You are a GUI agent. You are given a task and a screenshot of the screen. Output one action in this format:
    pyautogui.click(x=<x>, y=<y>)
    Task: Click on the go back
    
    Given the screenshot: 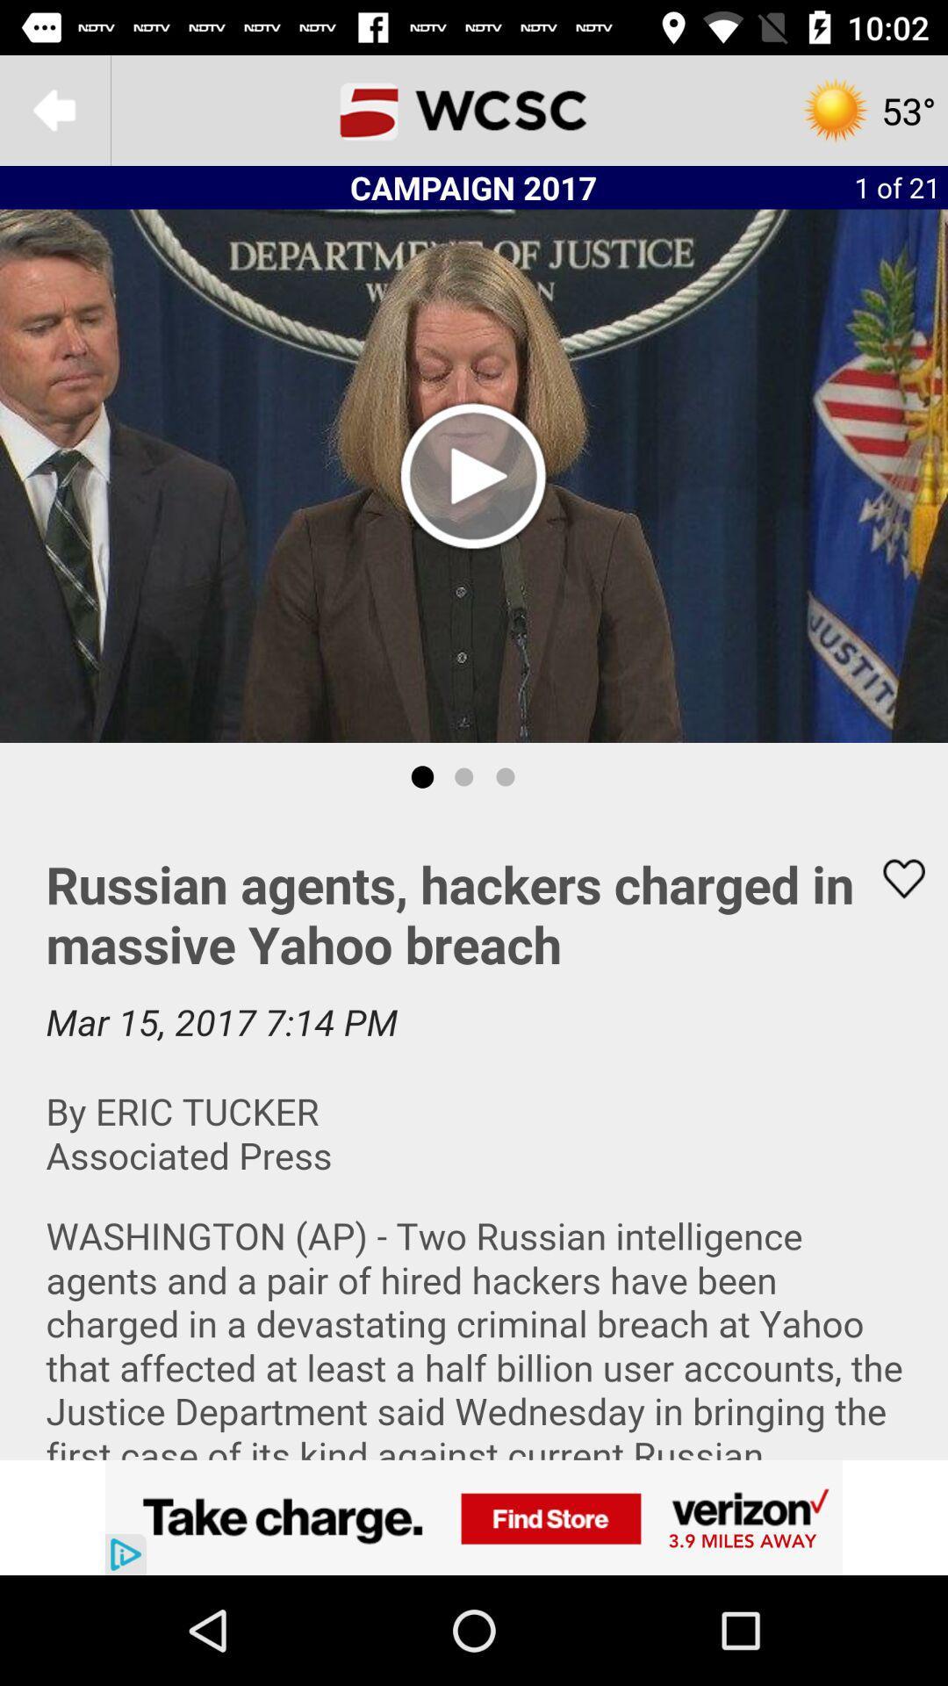 What is the action you would take?
    pyautogui.click(x=54, y=109)
    